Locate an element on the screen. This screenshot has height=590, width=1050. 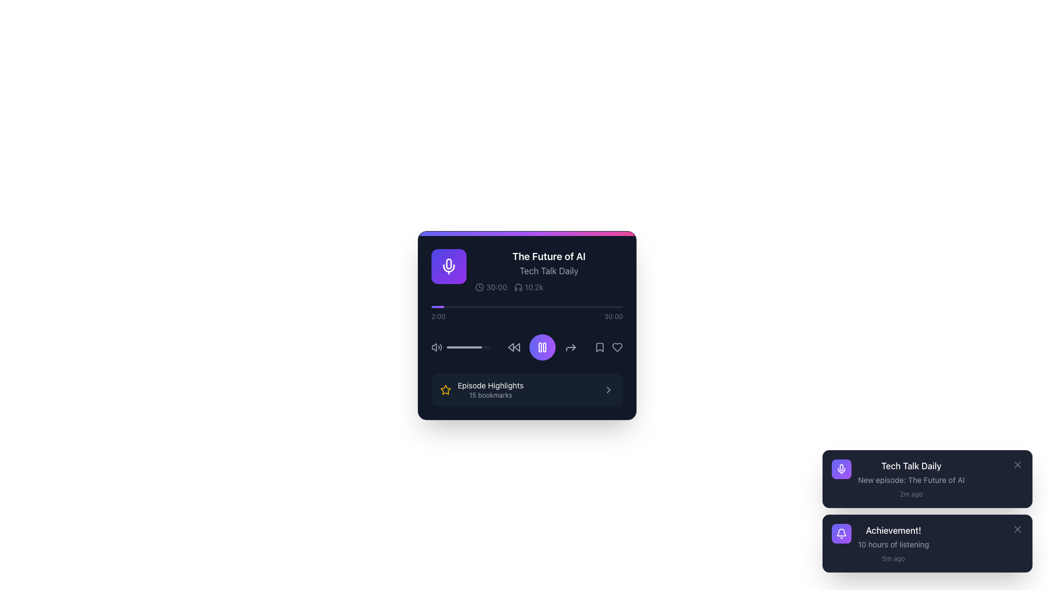
the volume is located at coordinates (459, 347).